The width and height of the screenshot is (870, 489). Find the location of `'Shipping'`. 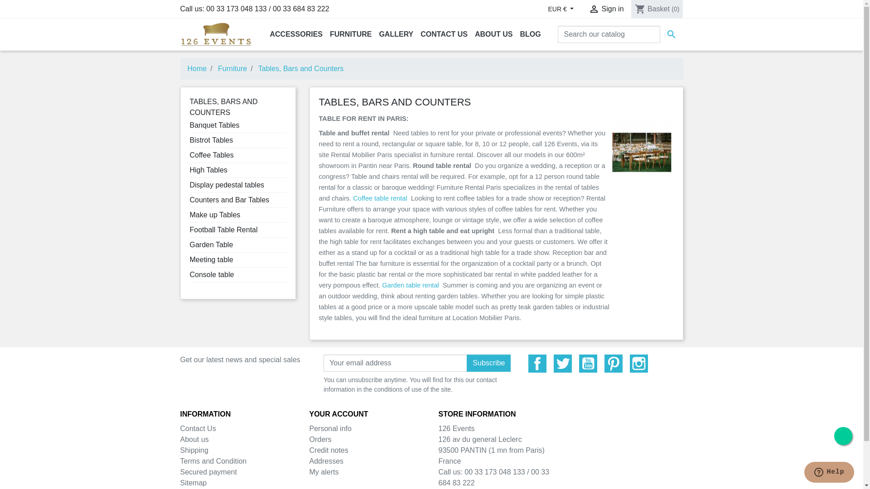

'Shipping' is located at coordinates (193, 450).